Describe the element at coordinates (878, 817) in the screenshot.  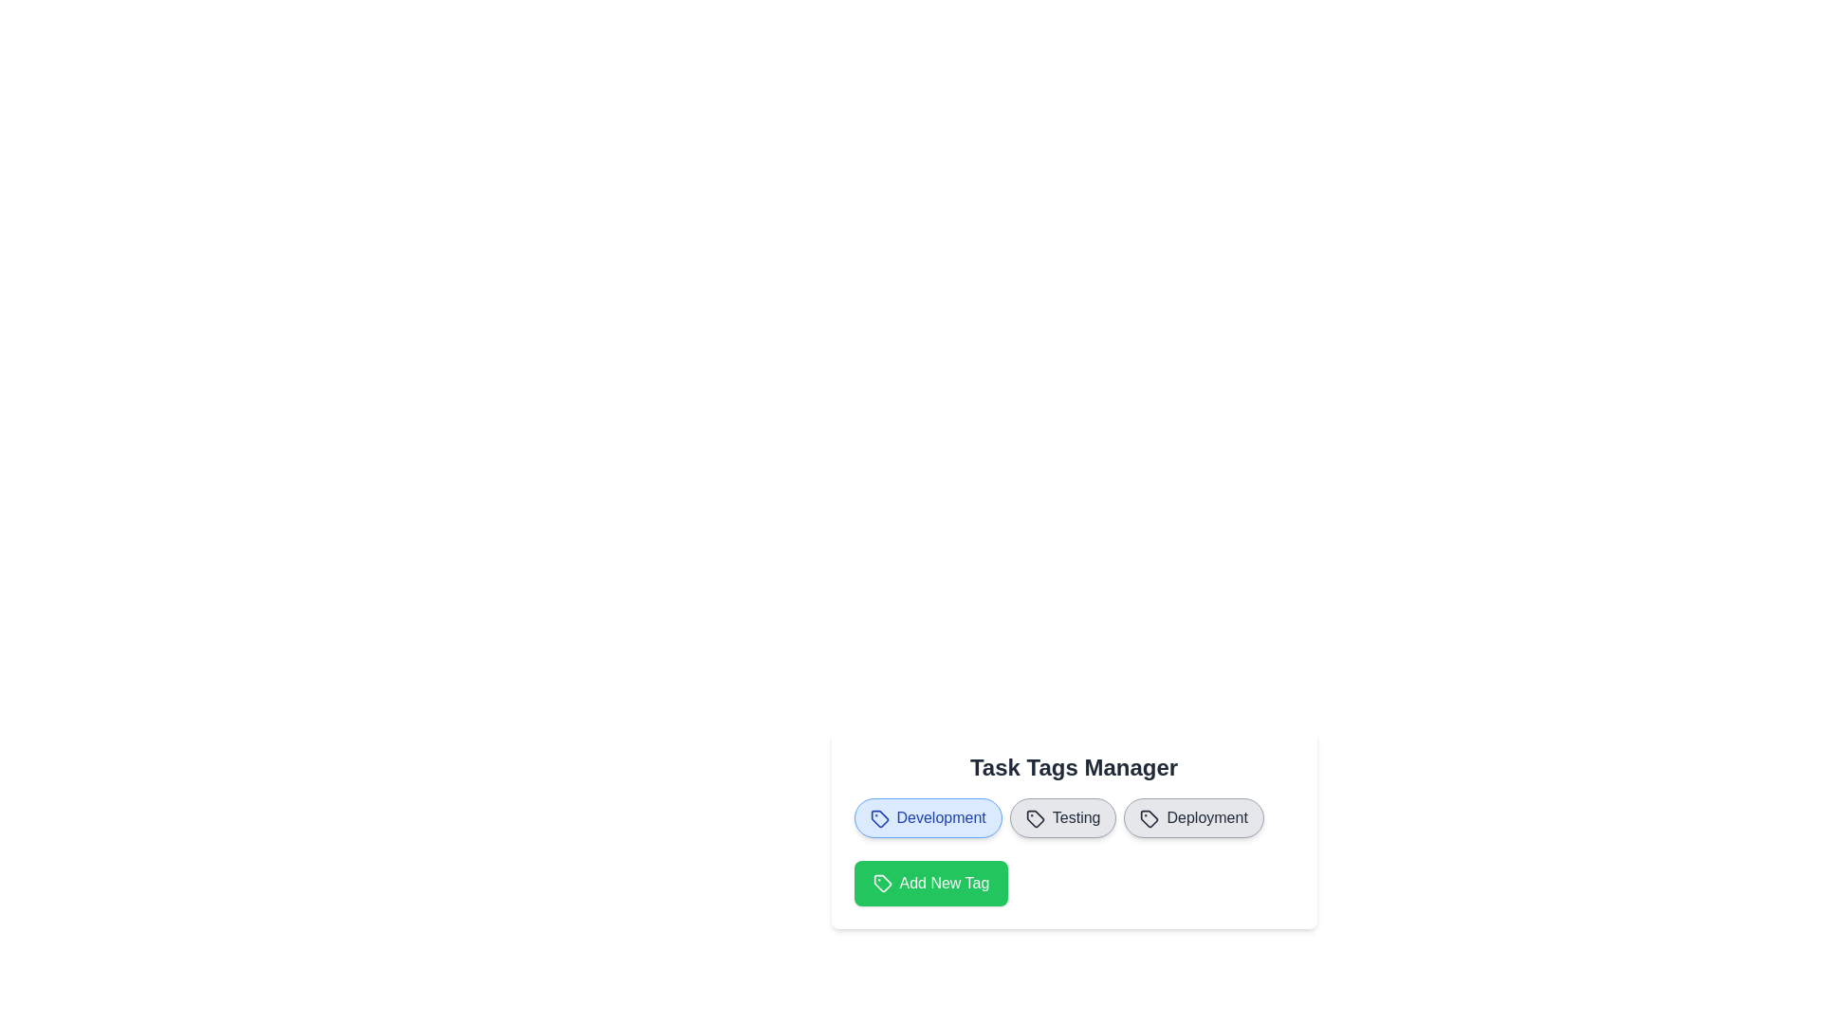
I see `the narrow elongated blue stroke tag icon located to the left of the 'Development' button in the 'Task Tags Manager' section` at that location.